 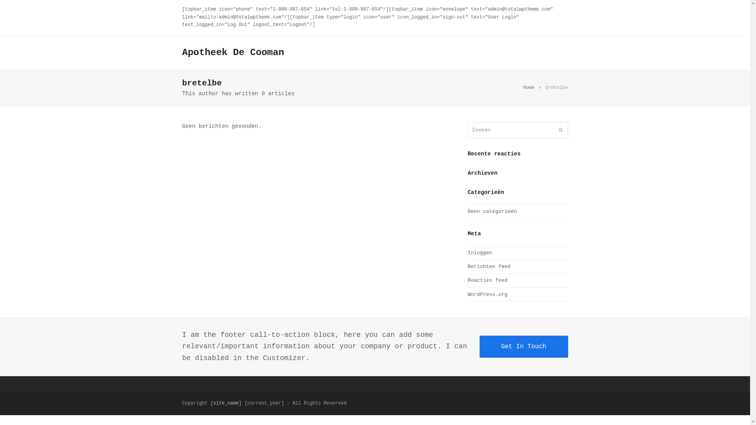 What do you see at coordinates (225, 403) in the screenshot?
I see `'[site_name]'` at bounding box center [225, 403].